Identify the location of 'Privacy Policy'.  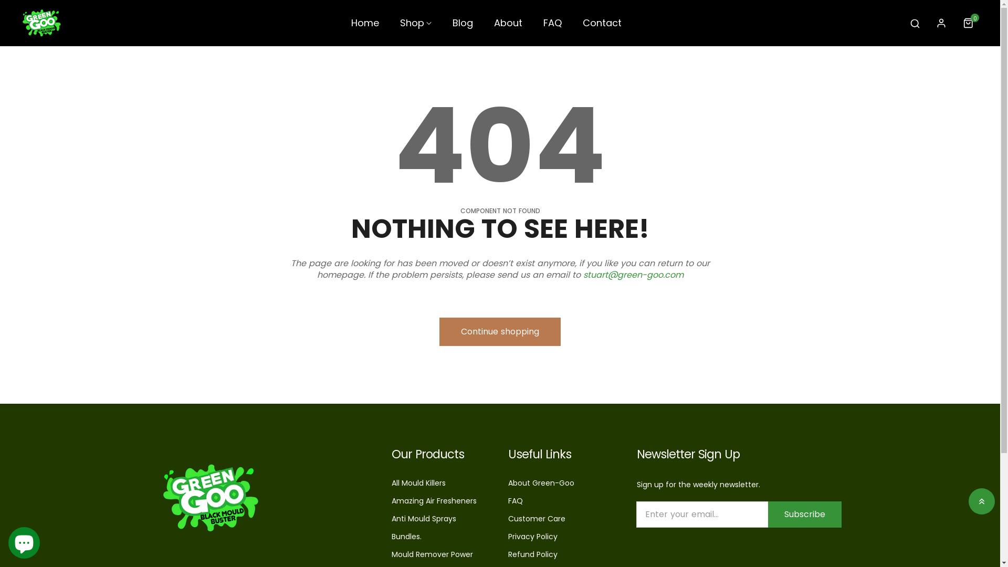
(532, 537).